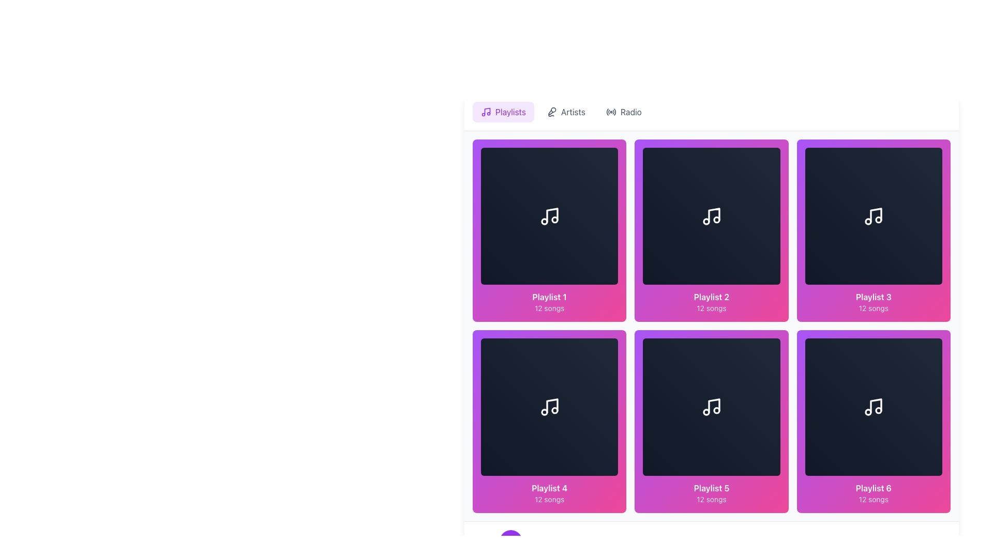 This screenshot has height=558, width=993. Describe the element at coordinates (711, 297) in the screenshot. I see `the 'Playlist 2' text label to focus on the playlist it identifies, located in the second tile of a 3x2 grid layout, just below the central icon` at that location.